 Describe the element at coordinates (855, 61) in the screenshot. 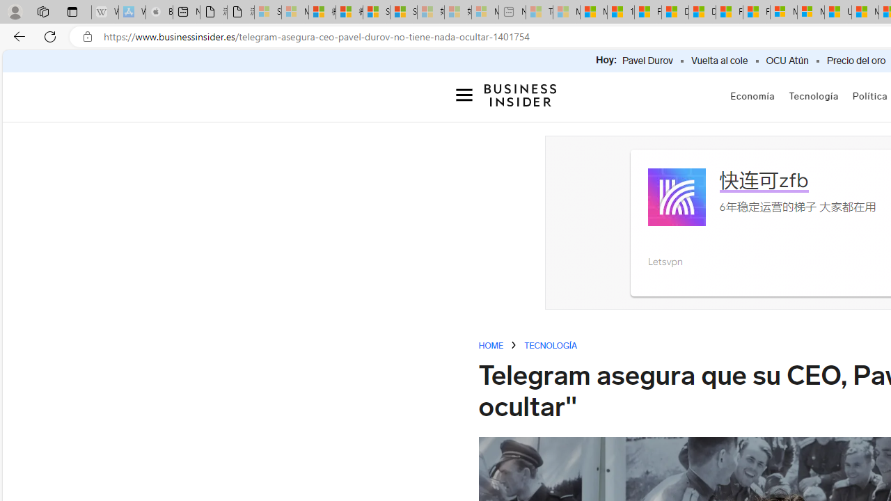

I see `'Precio del oro'` at that location.